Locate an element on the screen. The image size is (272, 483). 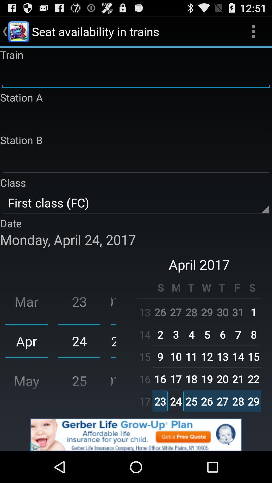
the image to the left of the text seat availability in trains is located at coordinates (18, 31).